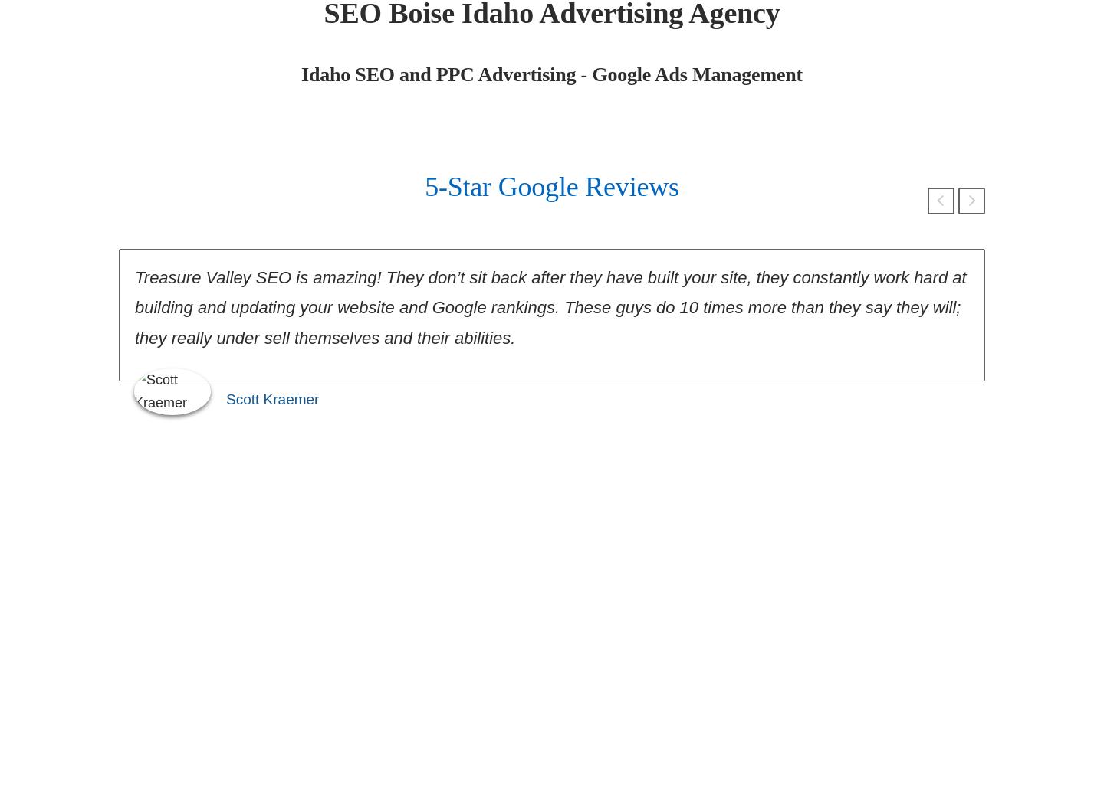 The image size is (1104, 808). What do you see at coordinates (550, 307) in the screenshot?
I see `'Treasure Valley SEO is amazing! They don’t sit back after they have built your site, they constantly work hard at building and updating your website and Google rankings. These guys do 10 times more than they say they will; they really under sell themselves and their abilities.'` at bounding box center [550, 307].